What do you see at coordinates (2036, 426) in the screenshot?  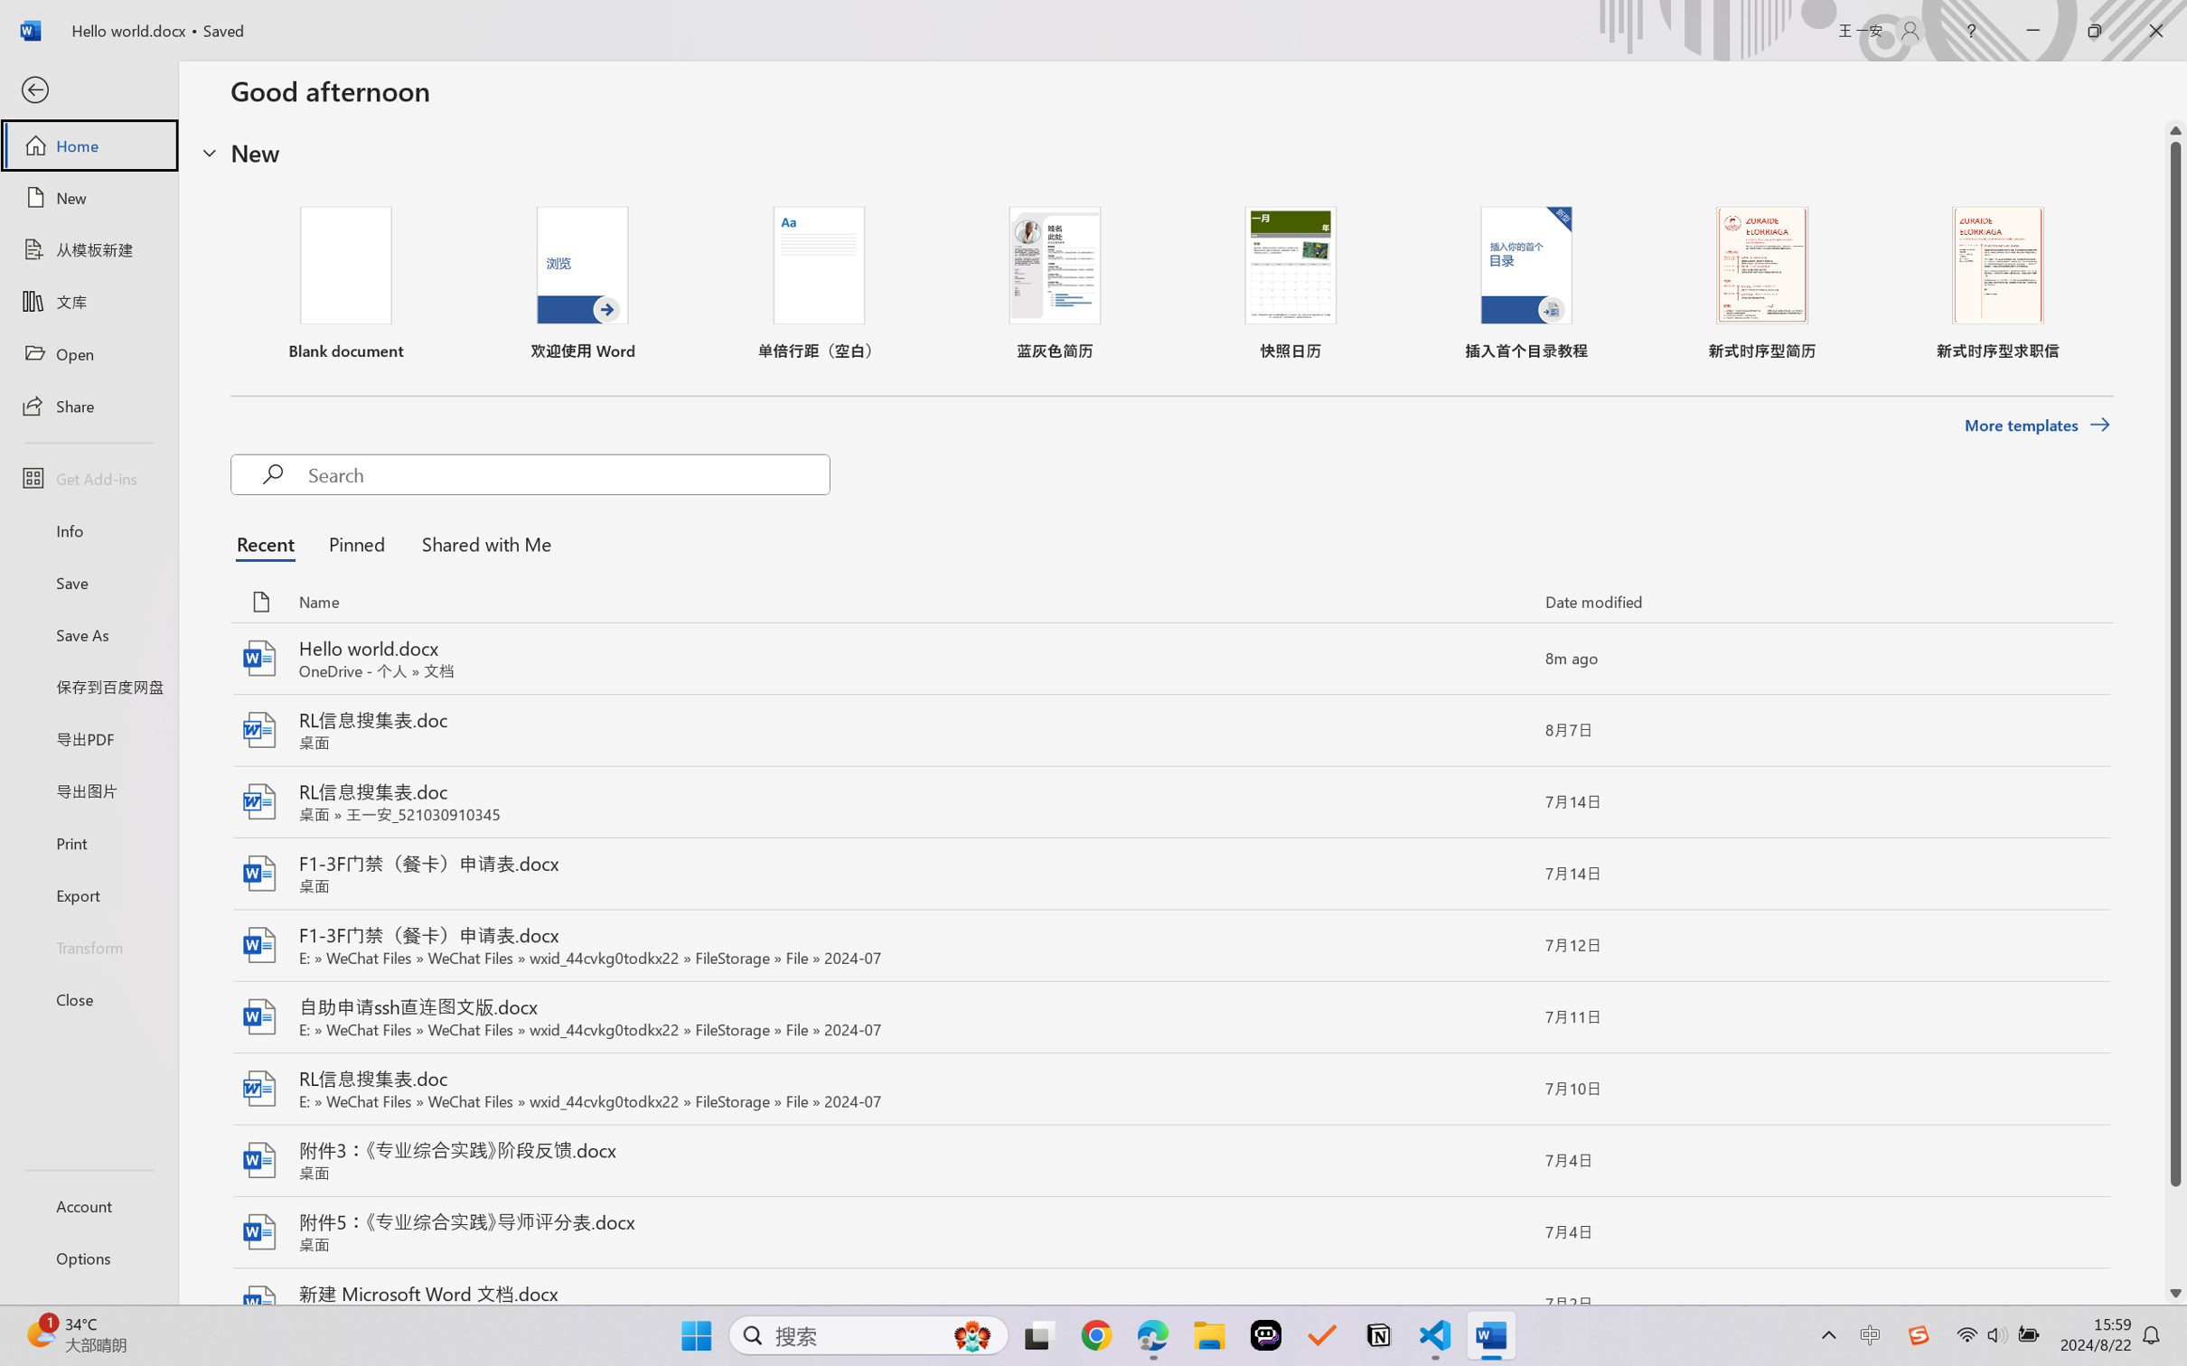 I see `'More templates'` at bounding box center [2036, 426].